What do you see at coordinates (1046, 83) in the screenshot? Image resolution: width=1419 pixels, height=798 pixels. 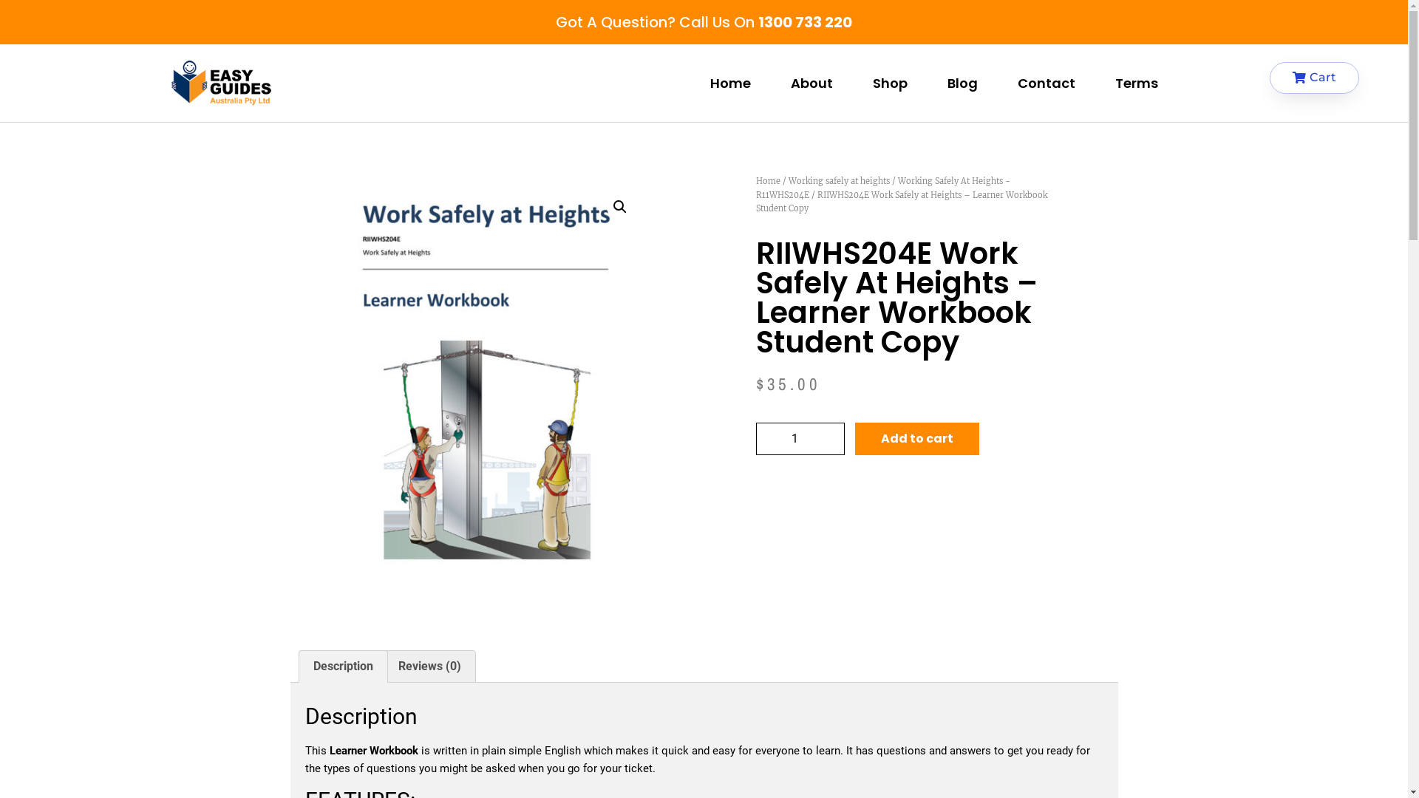 I see `'Contact'` at bounding box center [1046, 83].